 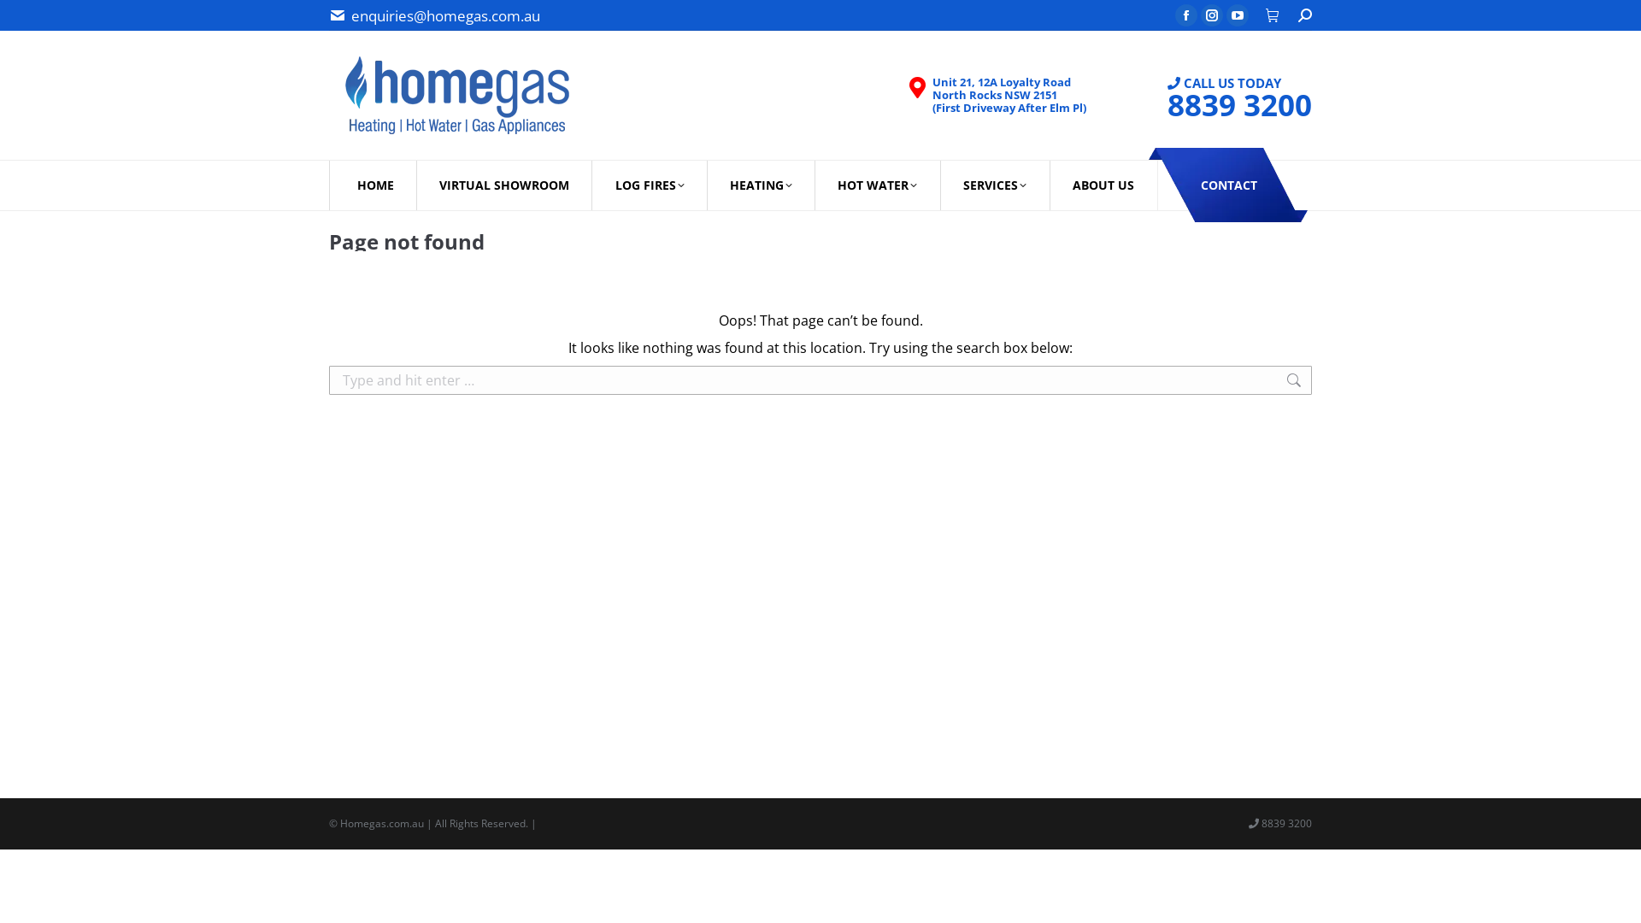 What do you see at coordinates (445, 15) in the screenshot?
I see `'enquiries@homegas.com.au'` at bounding box center [445, 15].